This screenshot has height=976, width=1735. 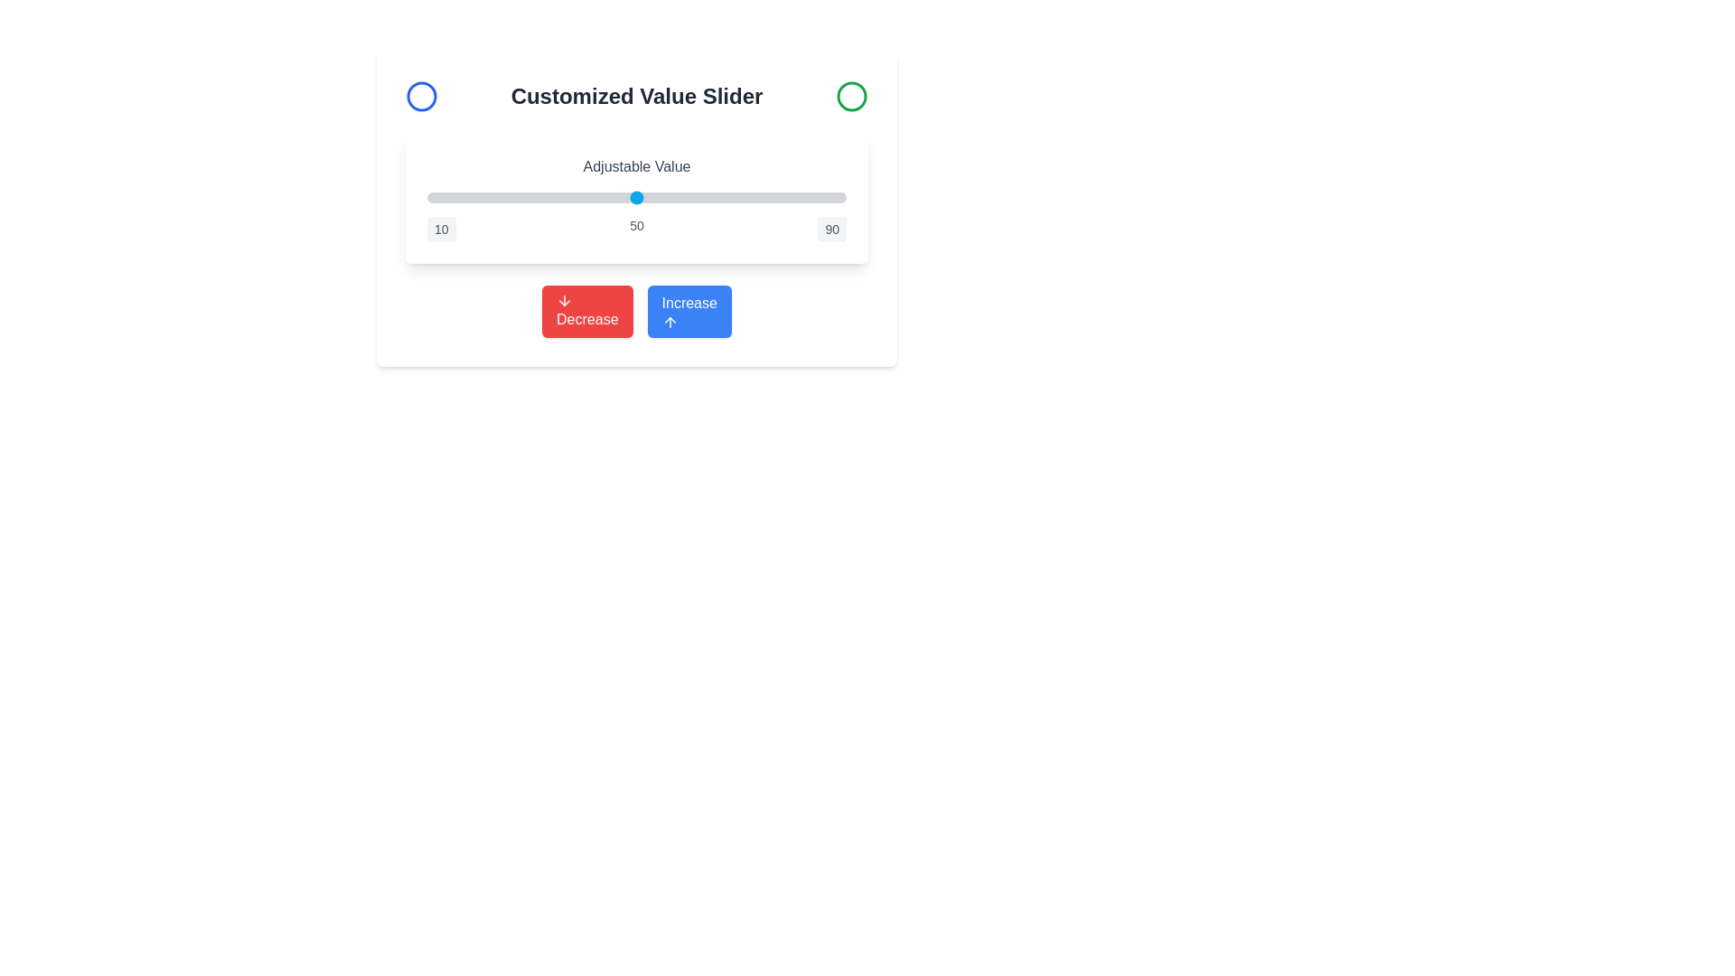 I want to click on adjustable value, so click(x=431, y=198).